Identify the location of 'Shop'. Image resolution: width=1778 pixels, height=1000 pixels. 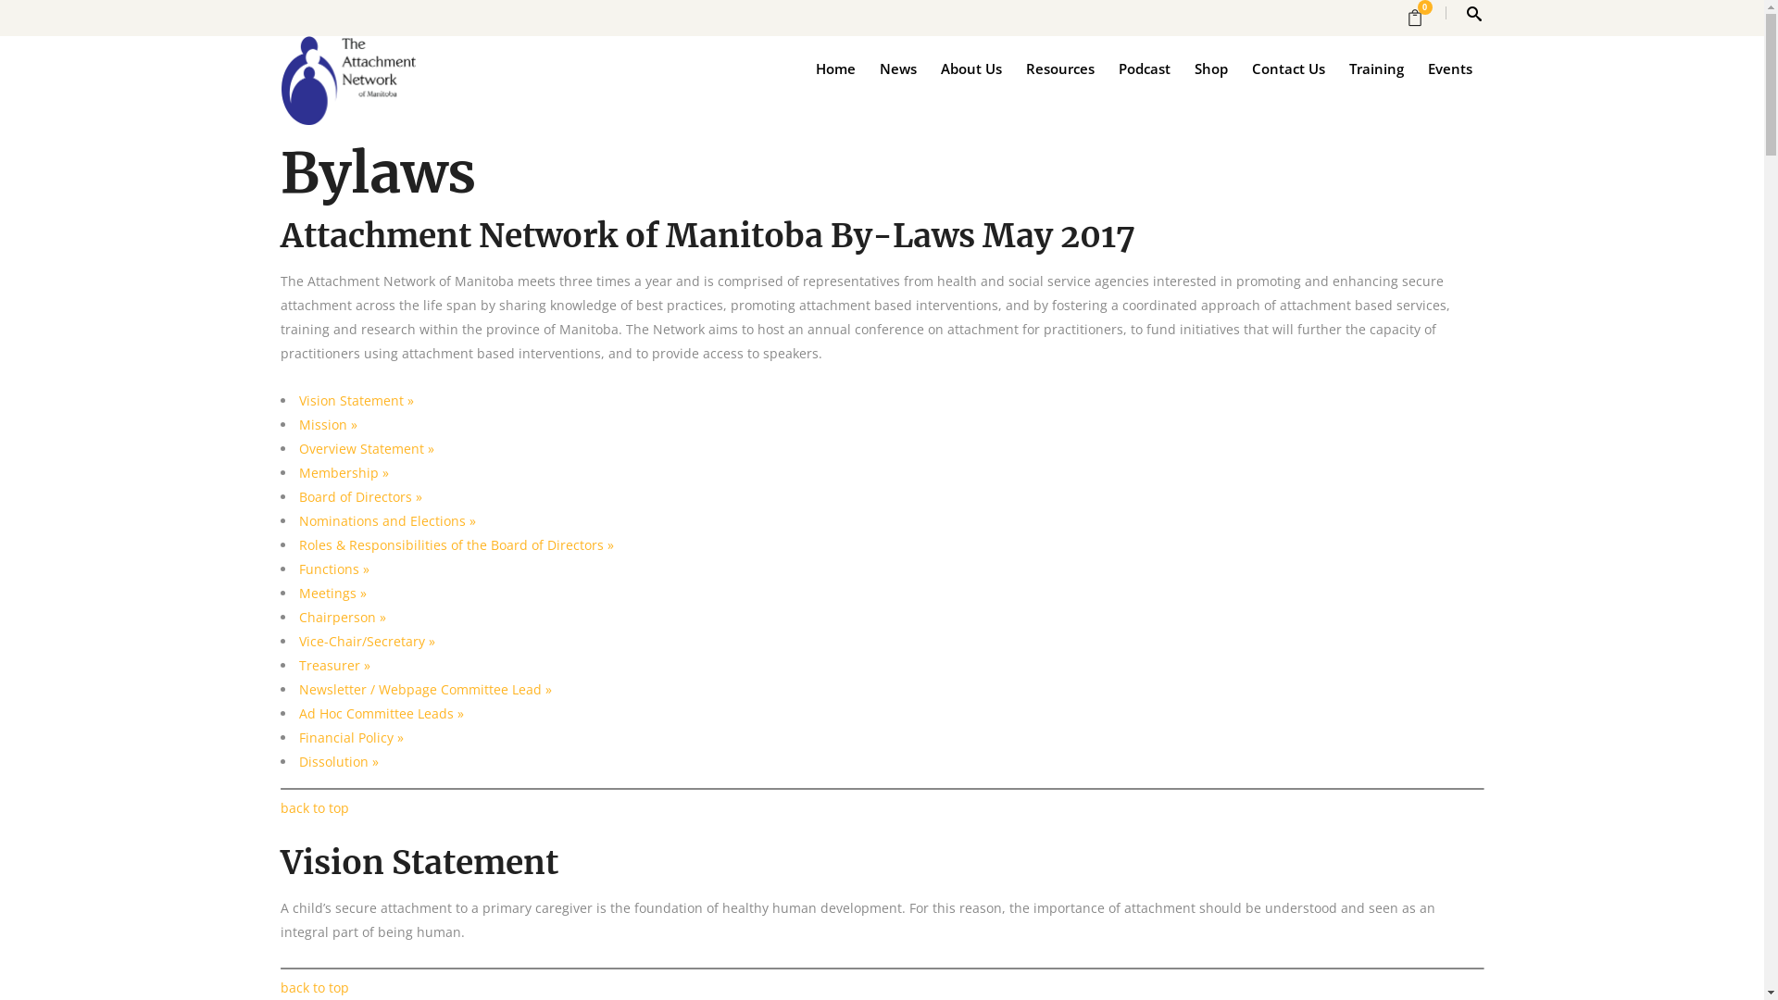
(1181, 67).